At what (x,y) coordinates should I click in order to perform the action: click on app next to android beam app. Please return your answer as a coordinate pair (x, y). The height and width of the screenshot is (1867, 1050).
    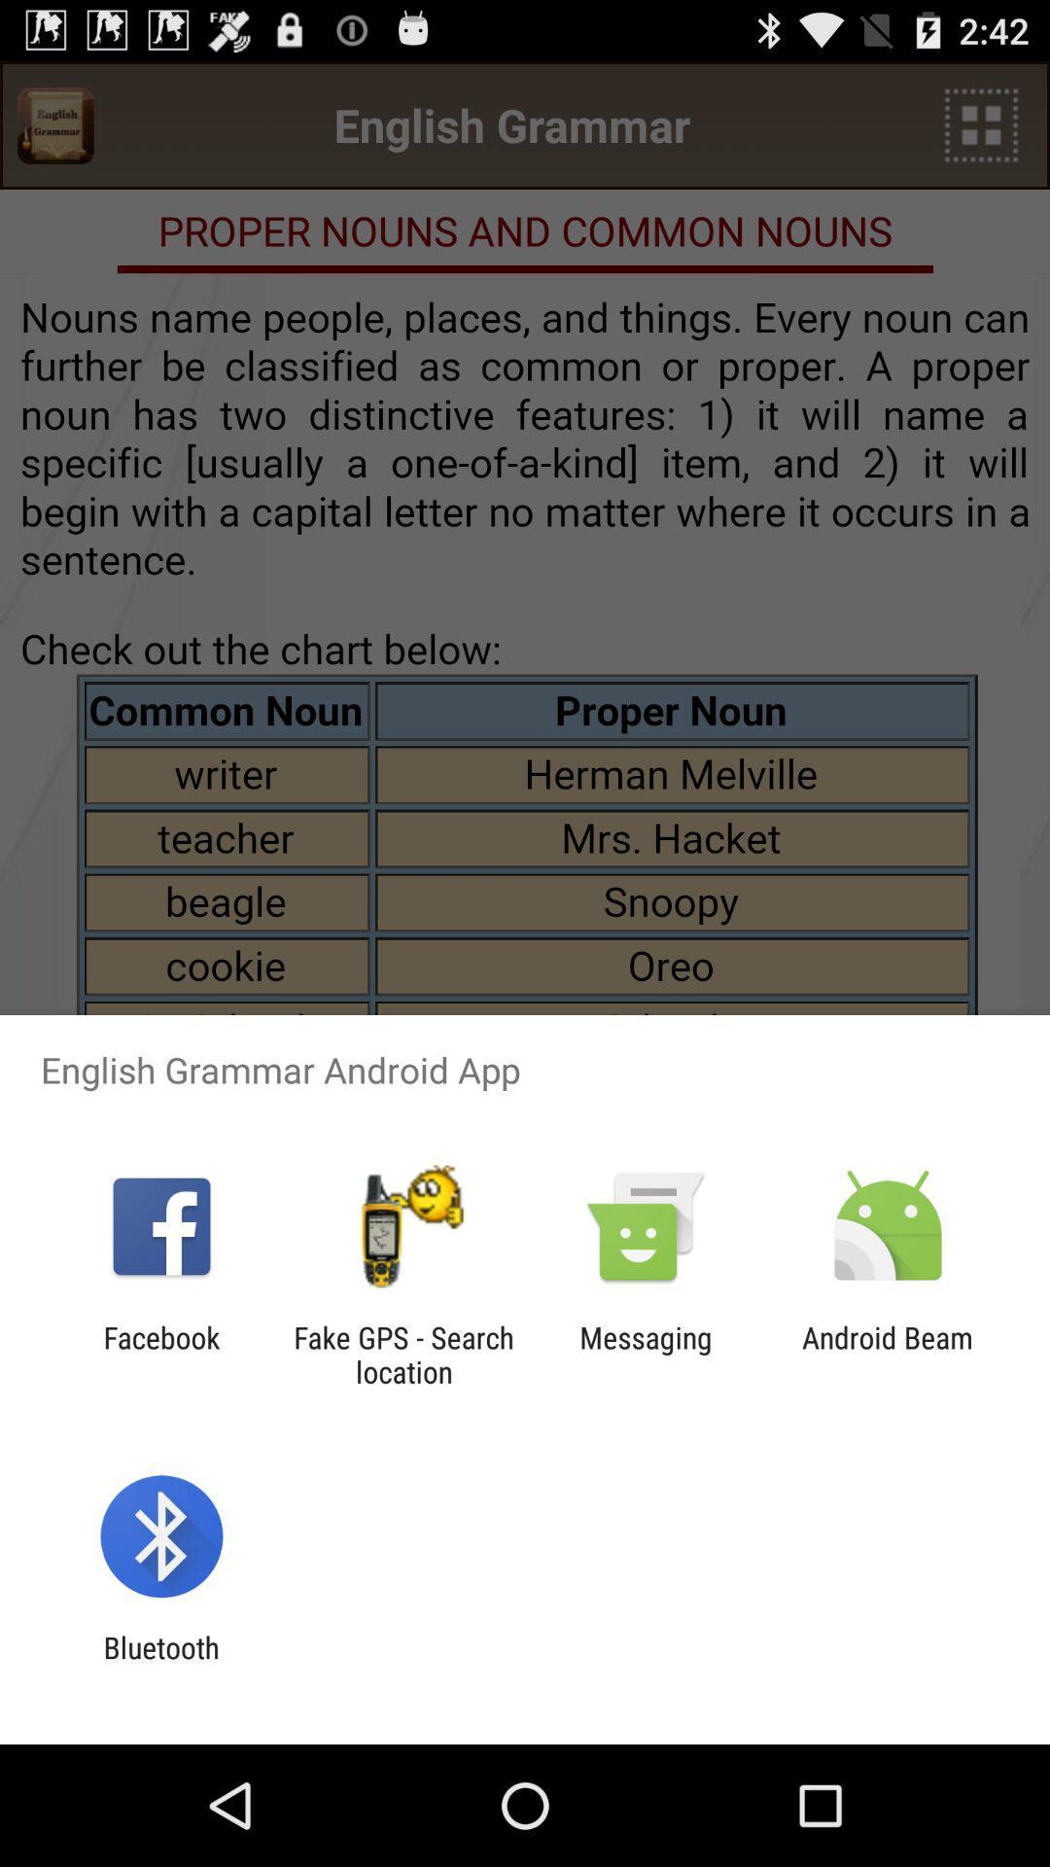
    Looking at the image, I should click on (646, 1354).